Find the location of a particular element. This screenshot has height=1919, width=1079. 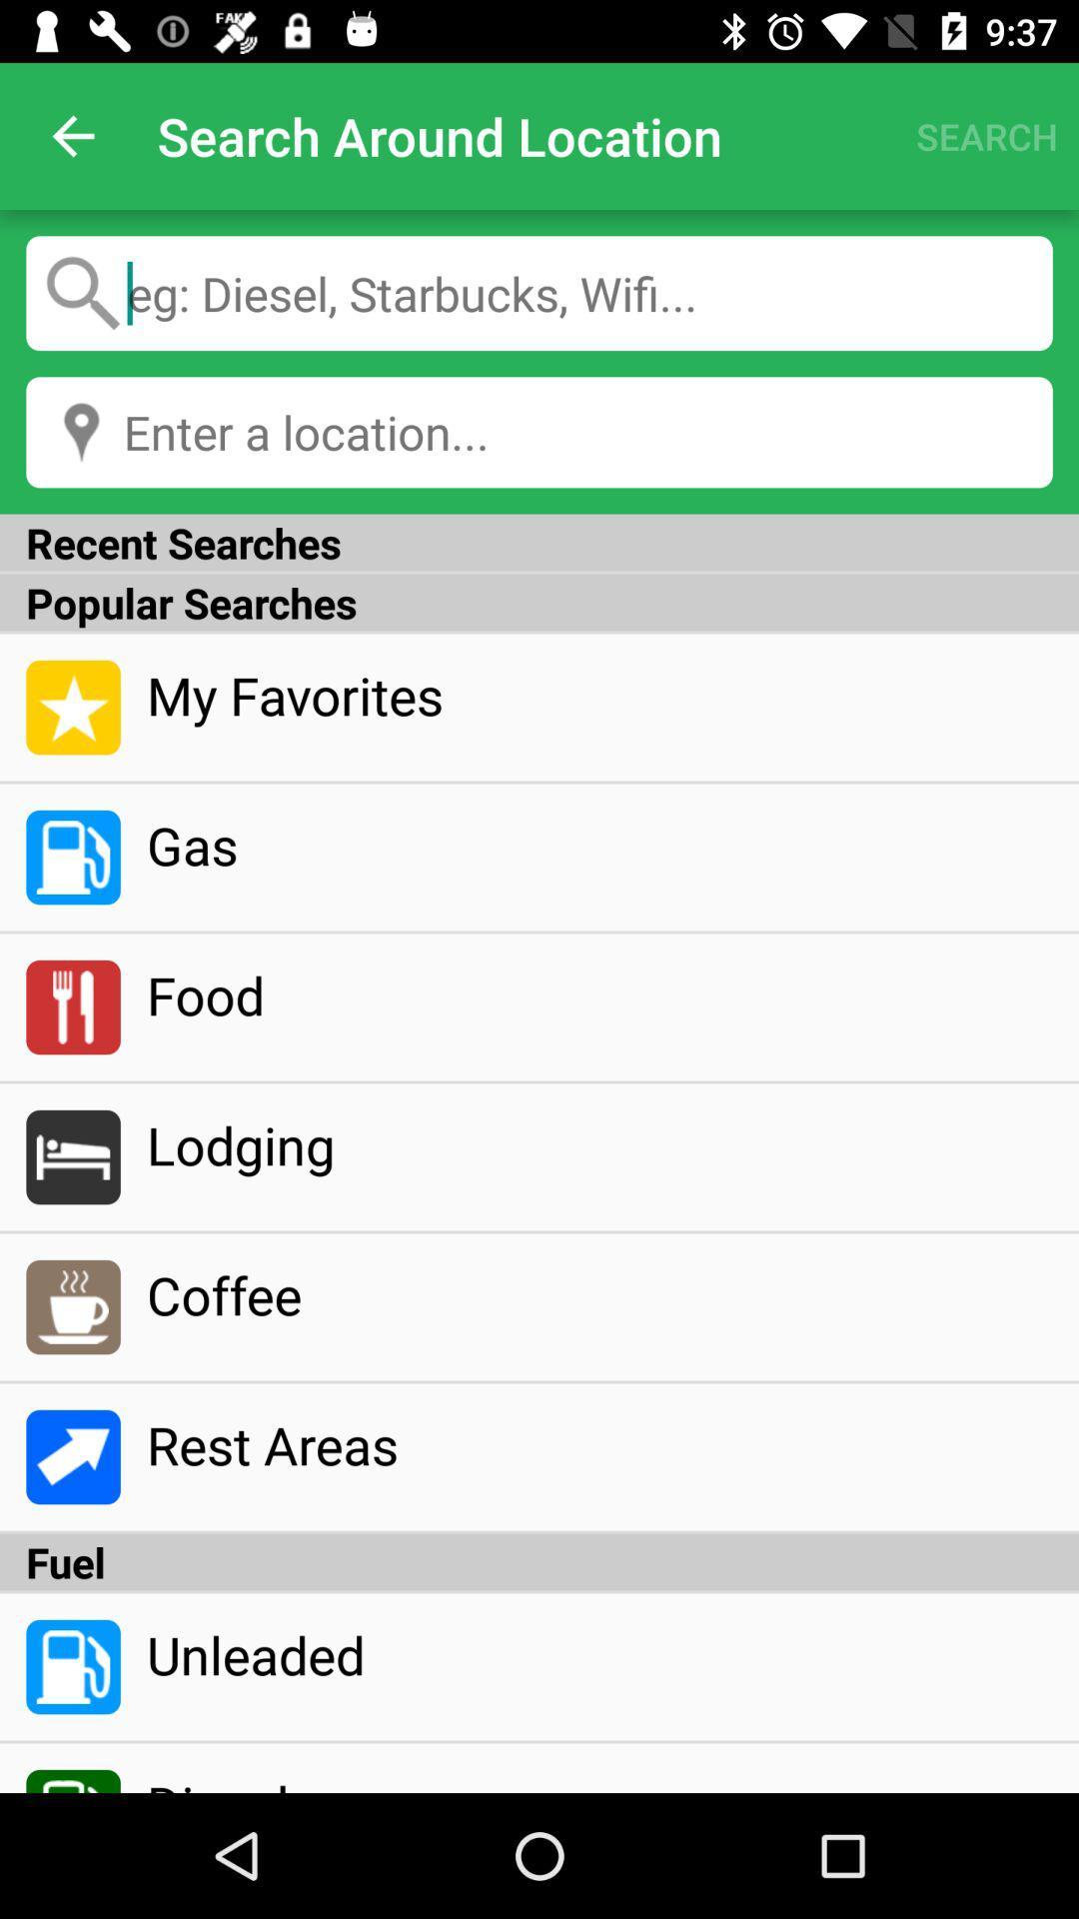

the icon above the my favorites icon is located at coordinates (539, 602).